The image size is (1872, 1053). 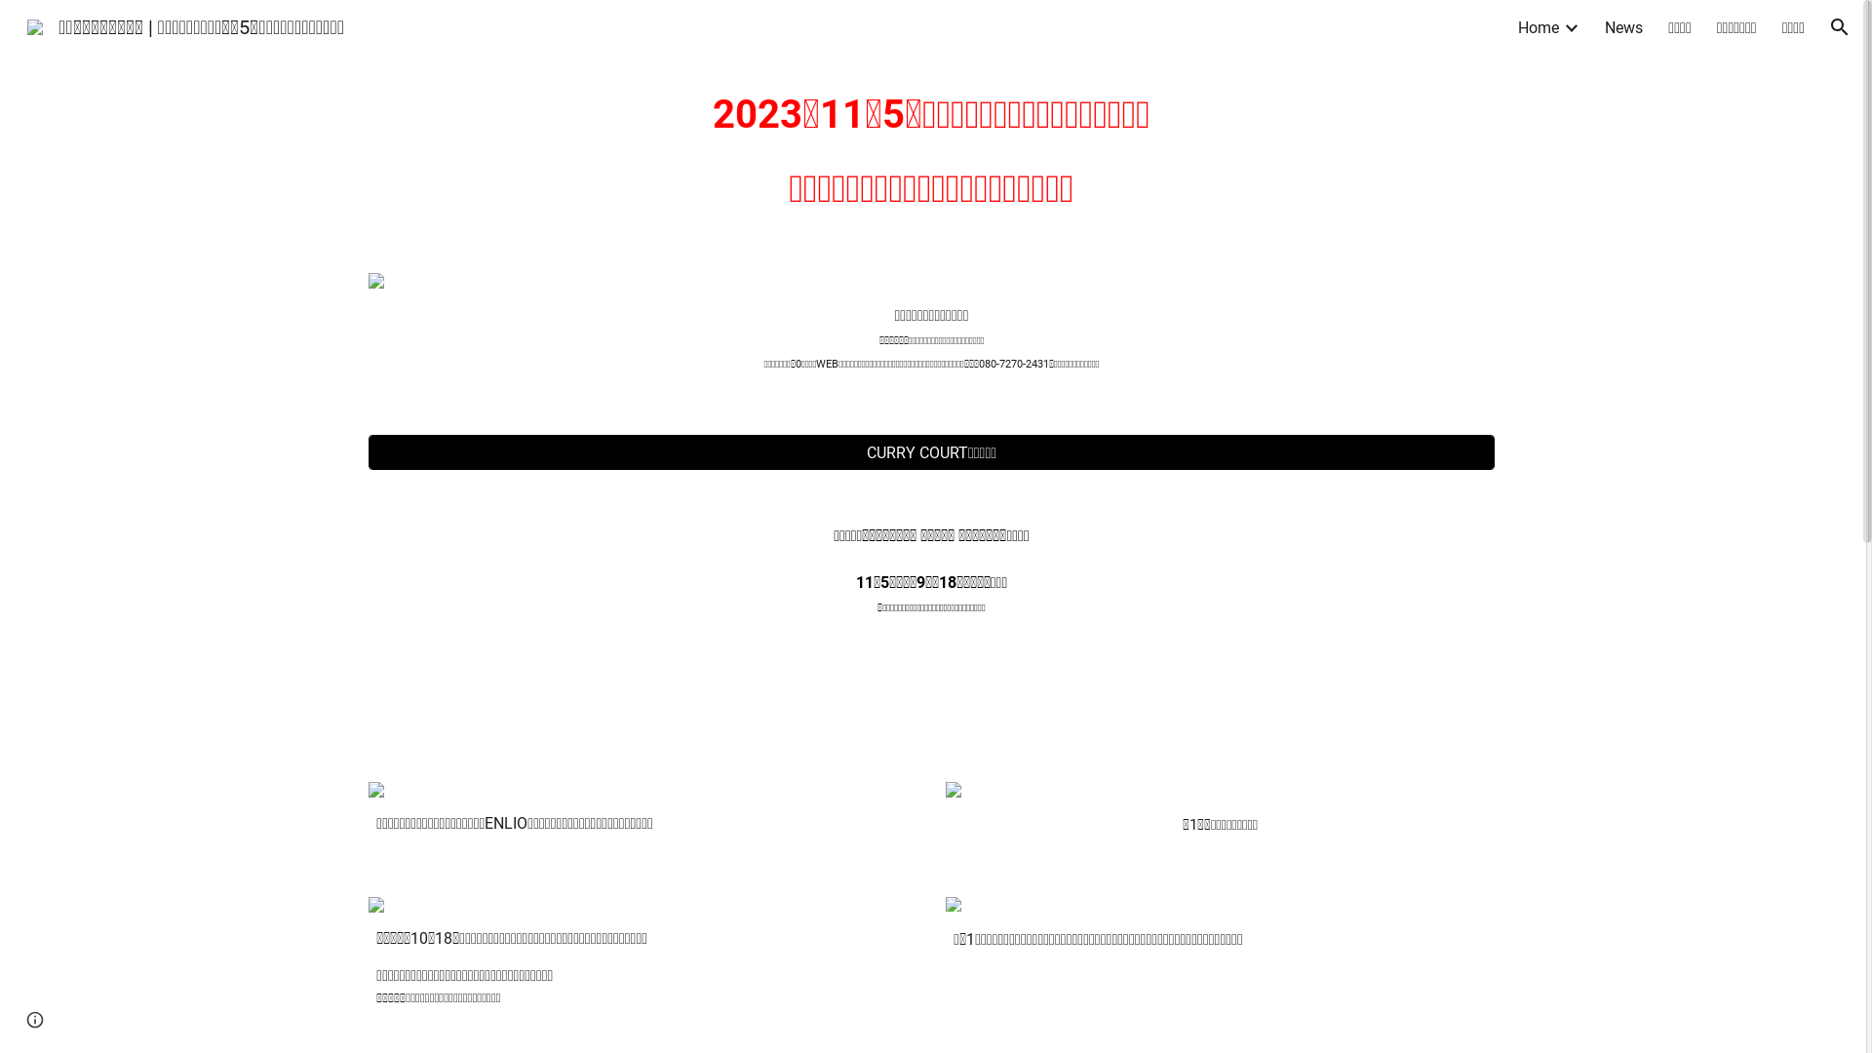 What do you see at coordinates (1623, 26) in the screenshot?
I see `'News'` at bounding box center [1623, 26].